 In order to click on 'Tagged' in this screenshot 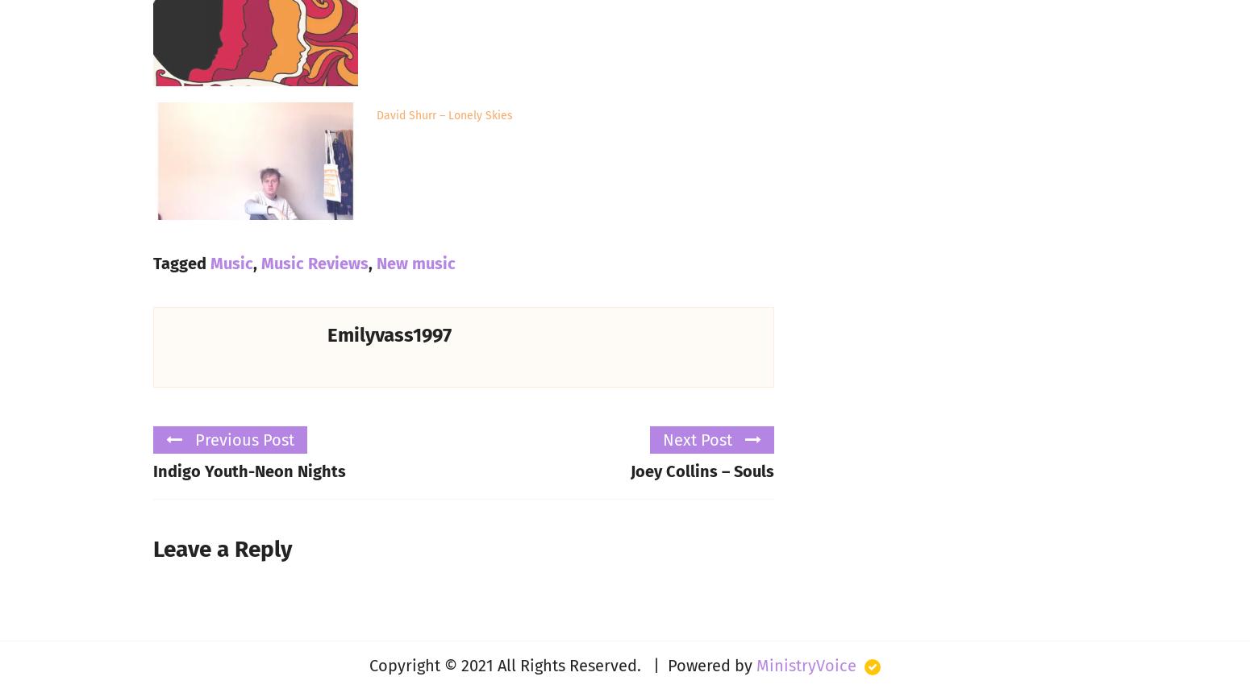, I will do `click(181, 262)`.